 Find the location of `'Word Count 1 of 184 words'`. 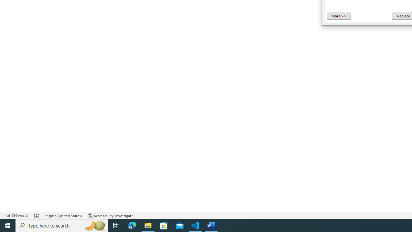

'Word Count 1 of 184 words' is located at coordinates (16, 216).